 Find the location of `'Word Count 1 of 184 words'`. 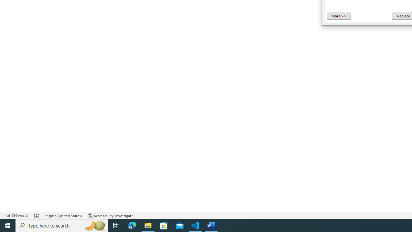

'Word Count 1 of 184 words' is located at coordinates (16, 216).